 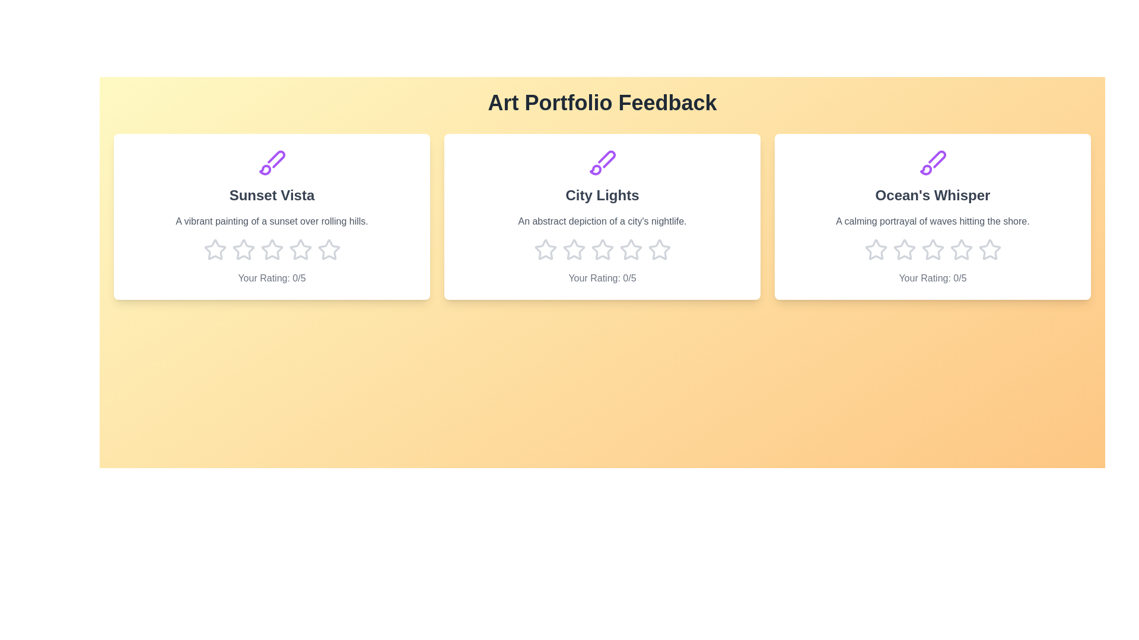 What do you see at coordinates (903, 249) in the screenshot?
I see `the star corresponding to 2 stars for the artwork titled 'Ocean's Whisper'` at bounding box center [903, 249].